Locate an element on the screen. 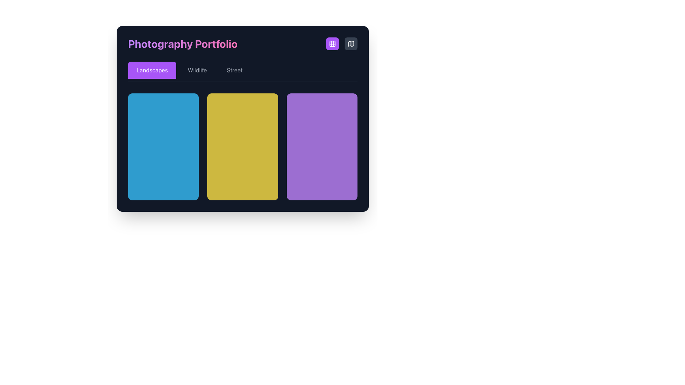  the decorative rectangle component within the grid icon located at the top-right corner of the interface, adjacent to the map toggle icon is located at coordinates (332, 44).